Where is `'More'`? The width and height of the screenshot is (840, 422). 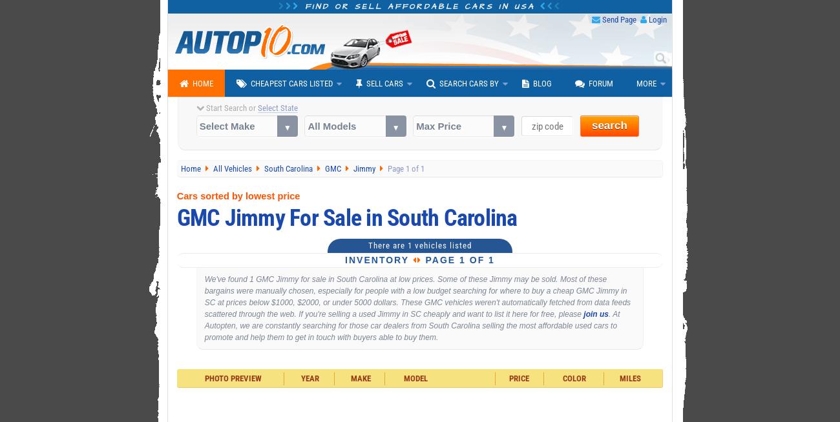 'More' is located at coordinates (646, 83).